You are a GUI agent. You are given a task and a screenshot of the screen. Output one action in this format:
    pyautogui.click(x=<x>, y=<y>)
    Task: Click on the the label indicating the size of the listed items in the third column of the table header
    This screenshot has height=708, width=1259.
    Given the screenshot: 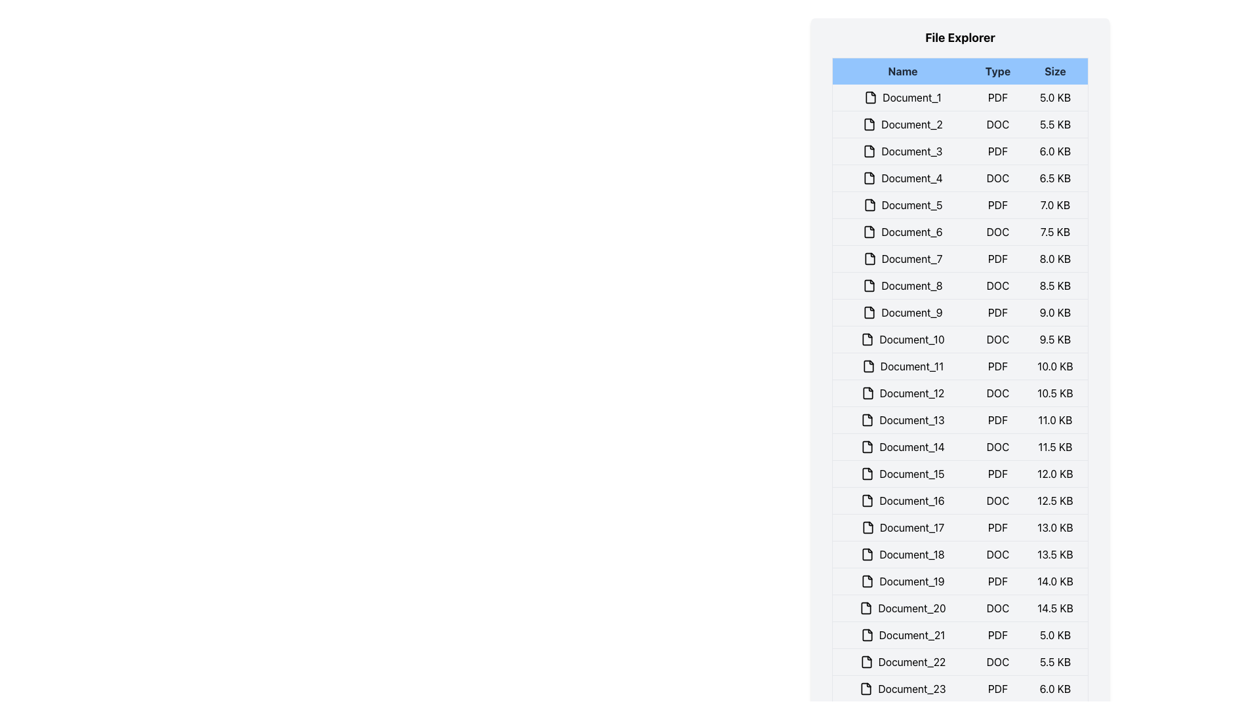 What is the action you would take?
    pyautogui.click(x=1055, y=71)
    